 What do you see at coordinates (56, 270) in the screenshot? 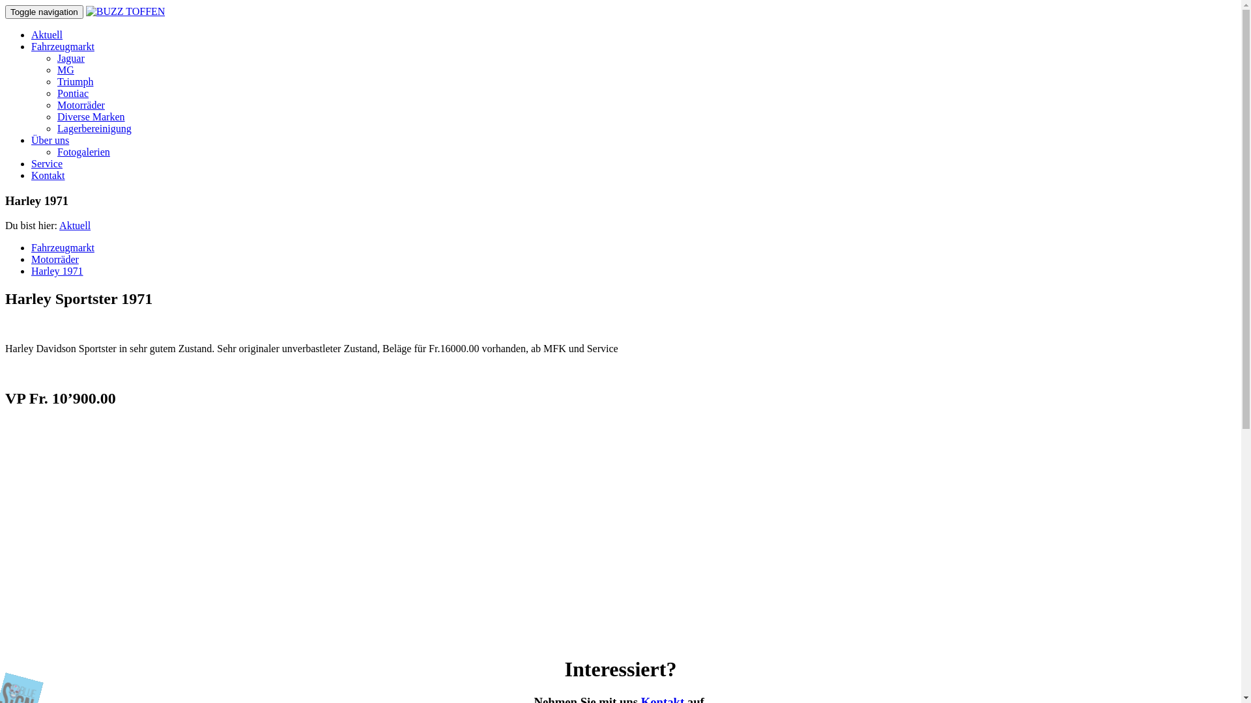
I see `'Harley 1971'` at bounding box center [56, 270].